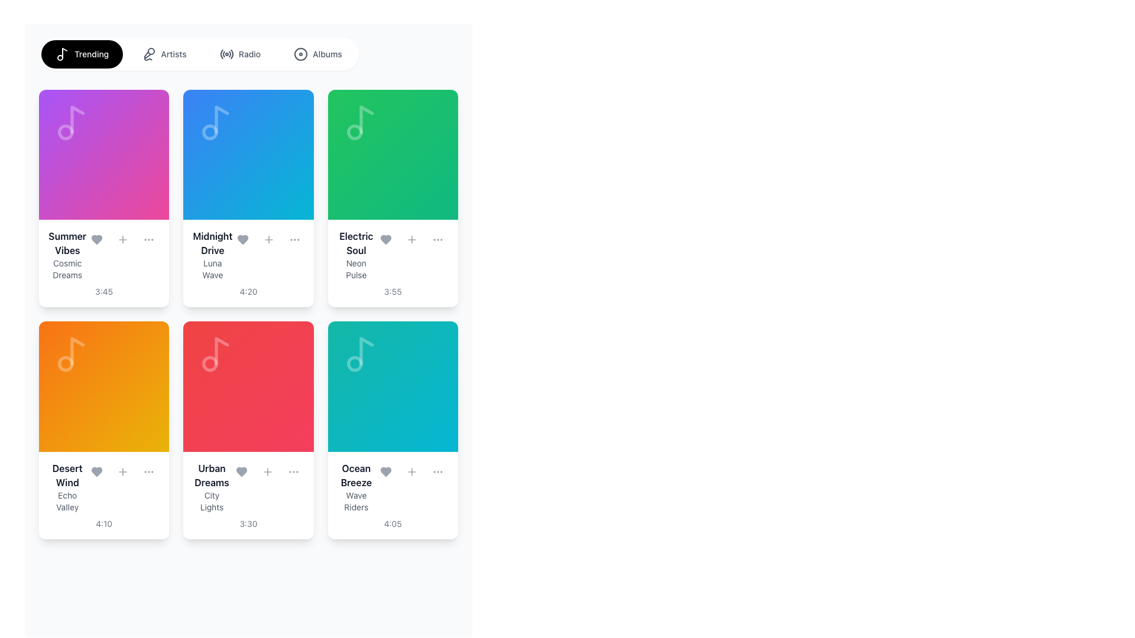 The height and width of the screenshot is (638, 1135). Describe the element at coordinates (67, 487) in the screenshot. I see `the orange card in the second row of the grid layout that contains the title and subtitle text label component, located above the duration text '4:10' and below the musical note icon` at that location.